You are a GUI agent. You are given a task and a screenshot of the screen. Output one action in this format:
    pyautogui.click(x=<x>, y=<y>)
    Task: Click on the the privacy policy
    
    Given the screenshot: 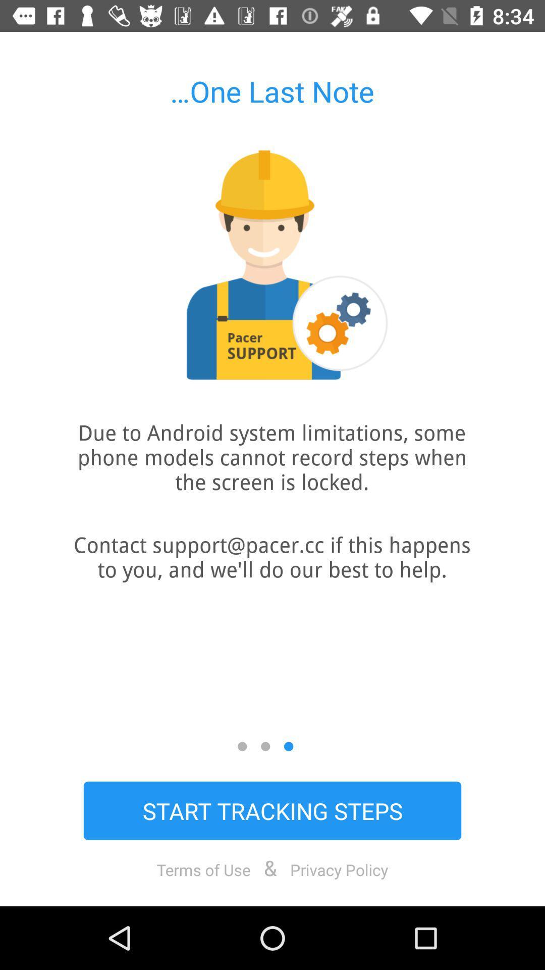 What is the action you would take?
    pyautogui.click(x=339, y=869)
    